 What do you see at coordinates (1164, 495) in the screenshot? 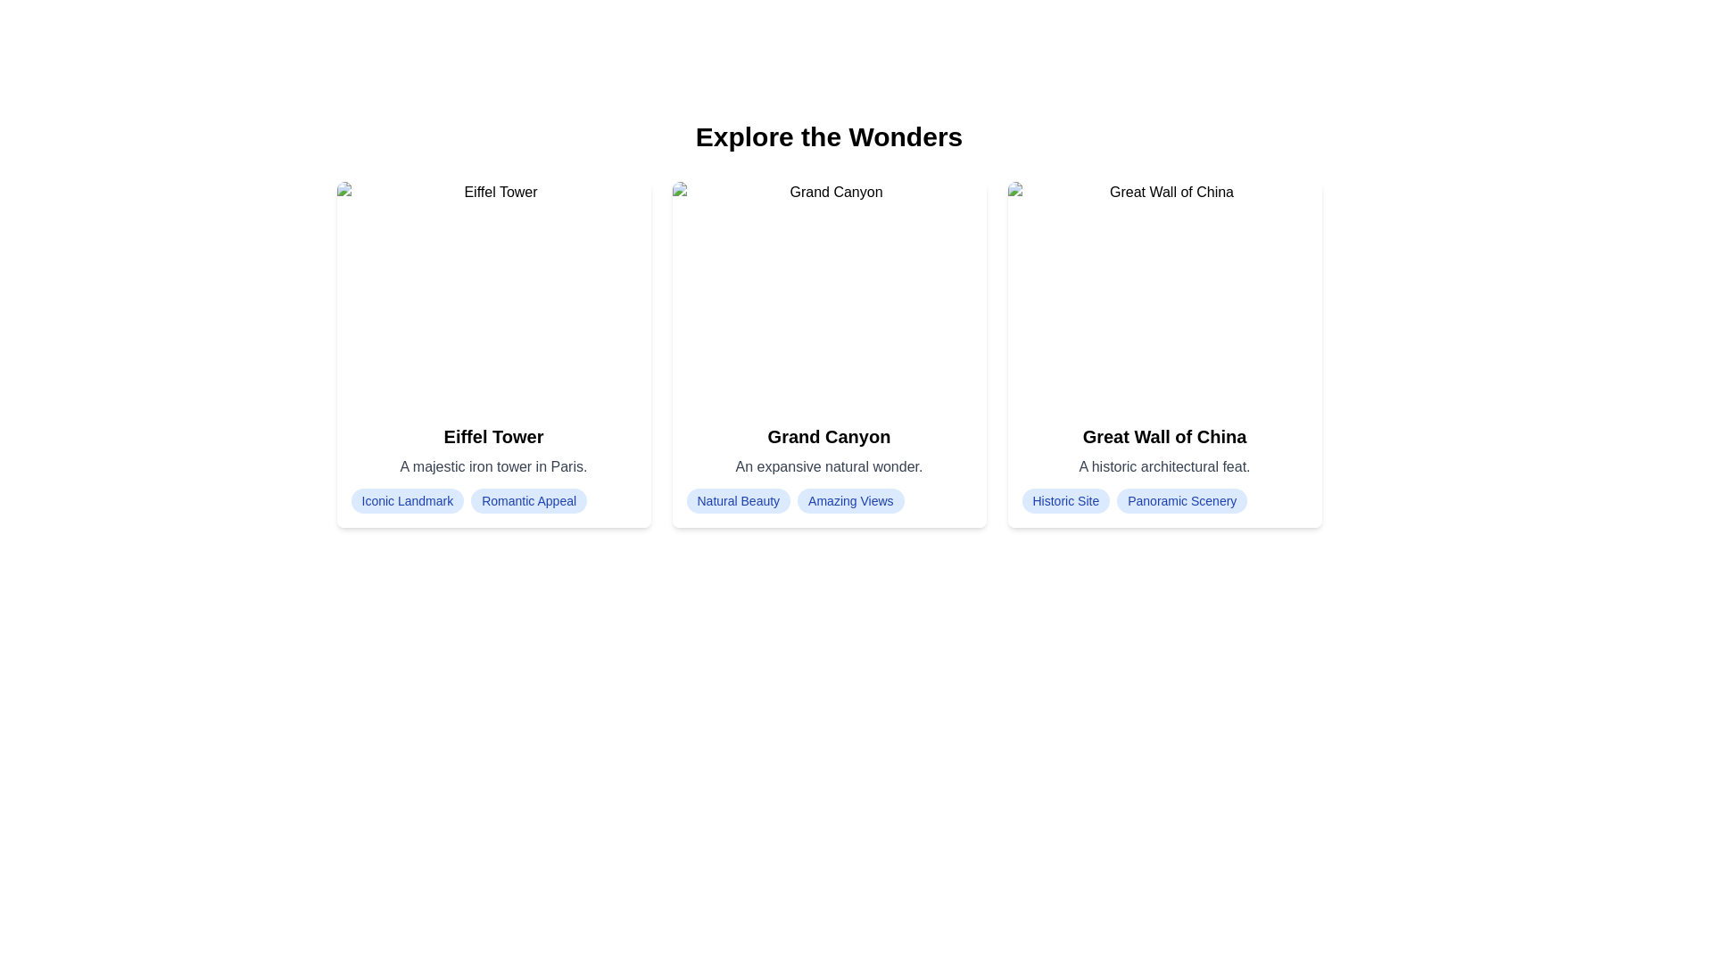
I see `larger curved shape of the eye-shaped SVG icon for debugging purposes` at bounding box center [1164, 495].